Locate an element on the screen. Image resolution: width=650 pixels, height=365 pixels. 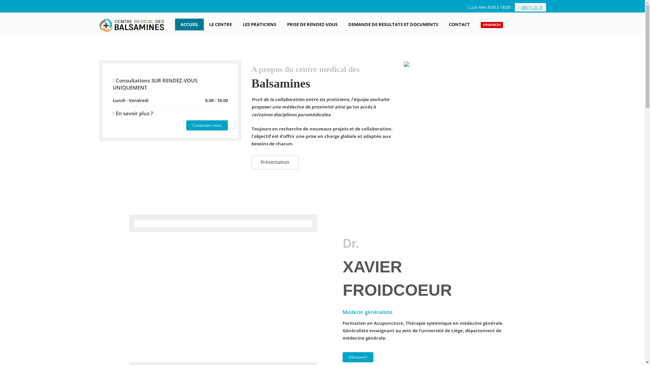
'PRISE DE RENDEZ-VOUS' is located at coordinates (312, 24).